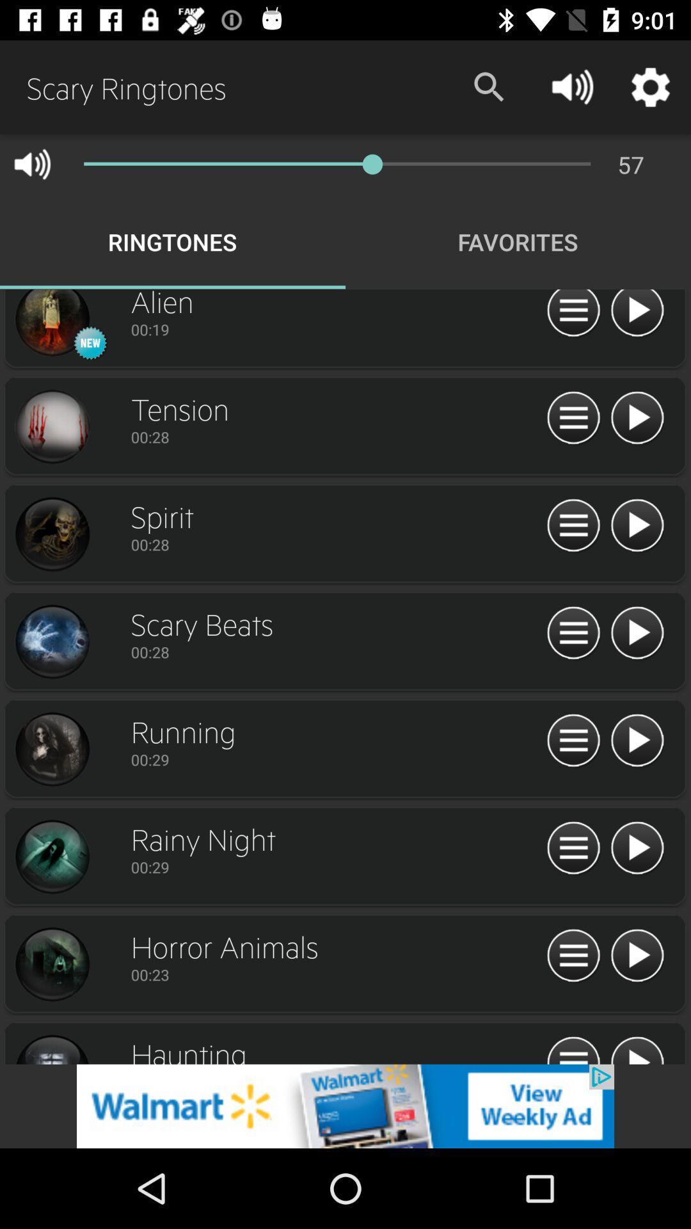  What do you see at coordinates (637, 315) in the screenshot?
I see `plays individual selection` at bounding box center [637, 315].